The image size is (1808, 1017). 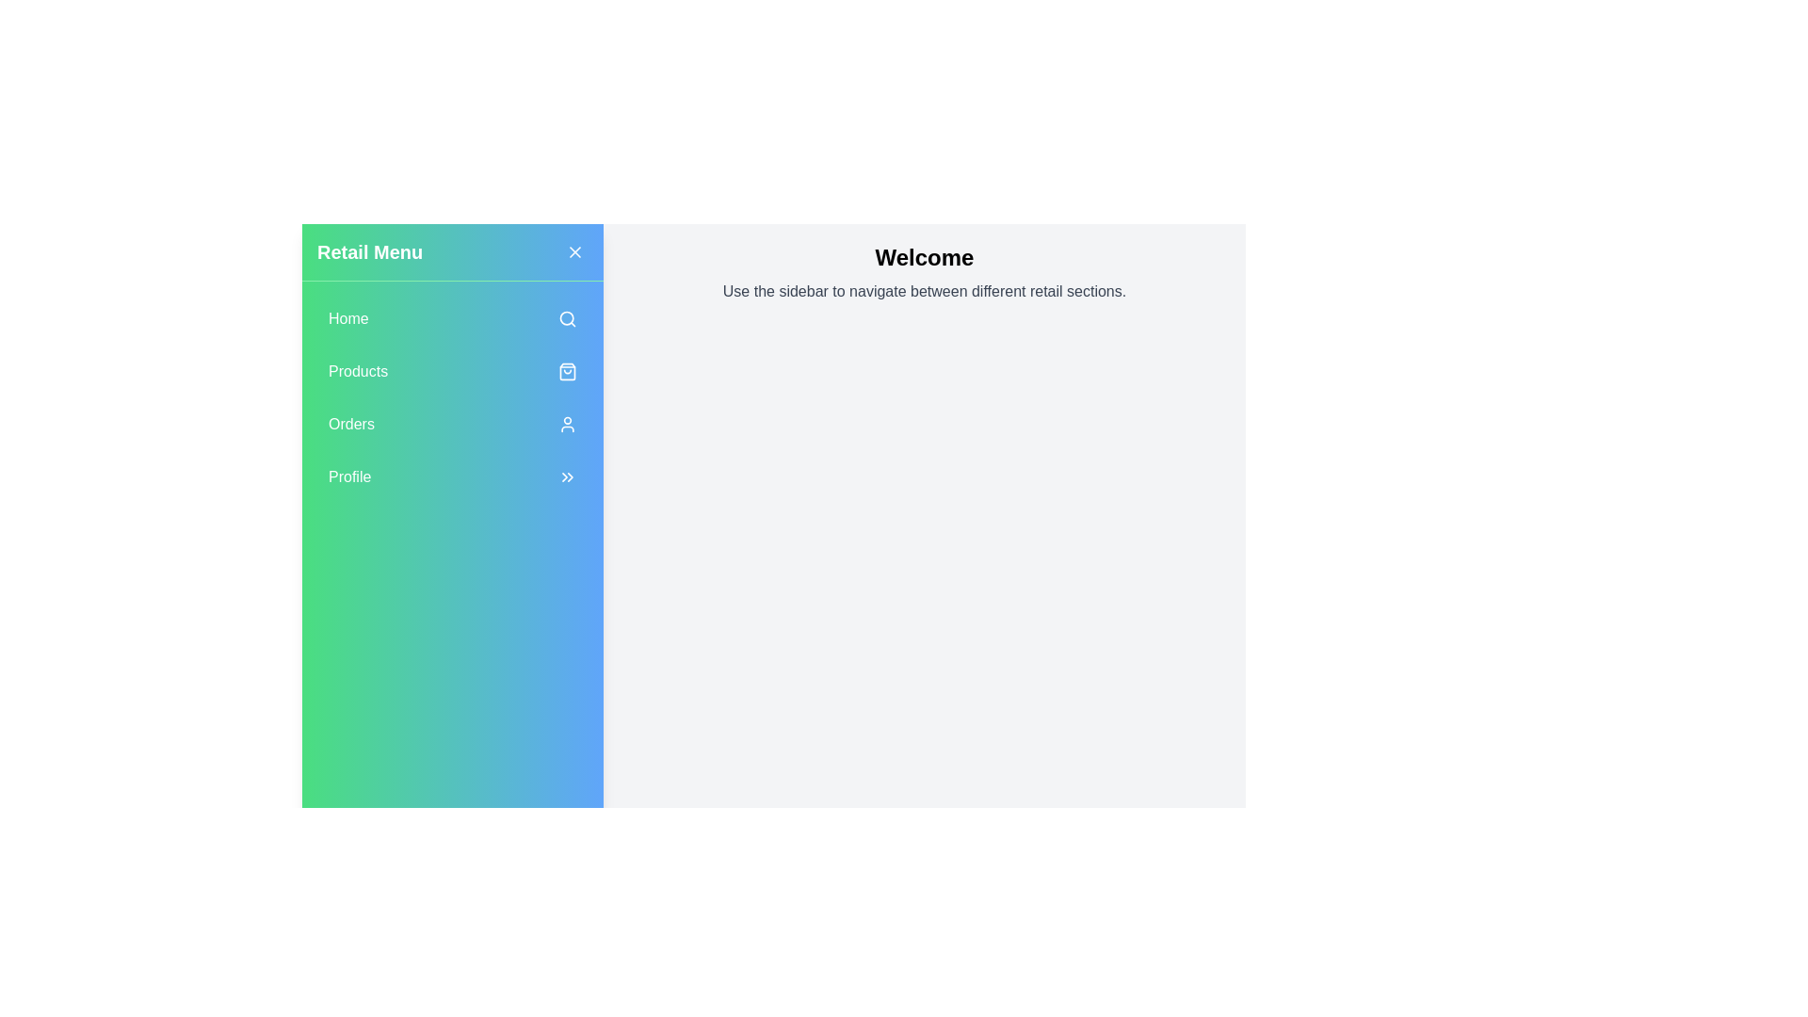 What do you see at coordinates (452, 425) in the screenshot?
I see `the third button in the vertical list located in the left sidebar` at bounding box center [452, 425].